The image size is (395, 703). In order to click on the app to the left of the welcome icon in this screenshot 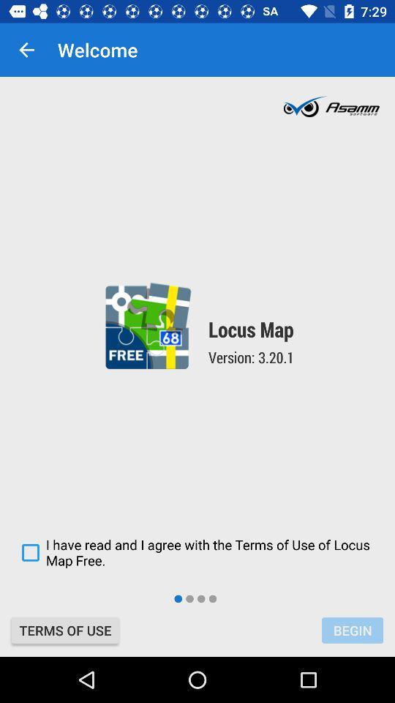, I will do `click(26, 50)`.